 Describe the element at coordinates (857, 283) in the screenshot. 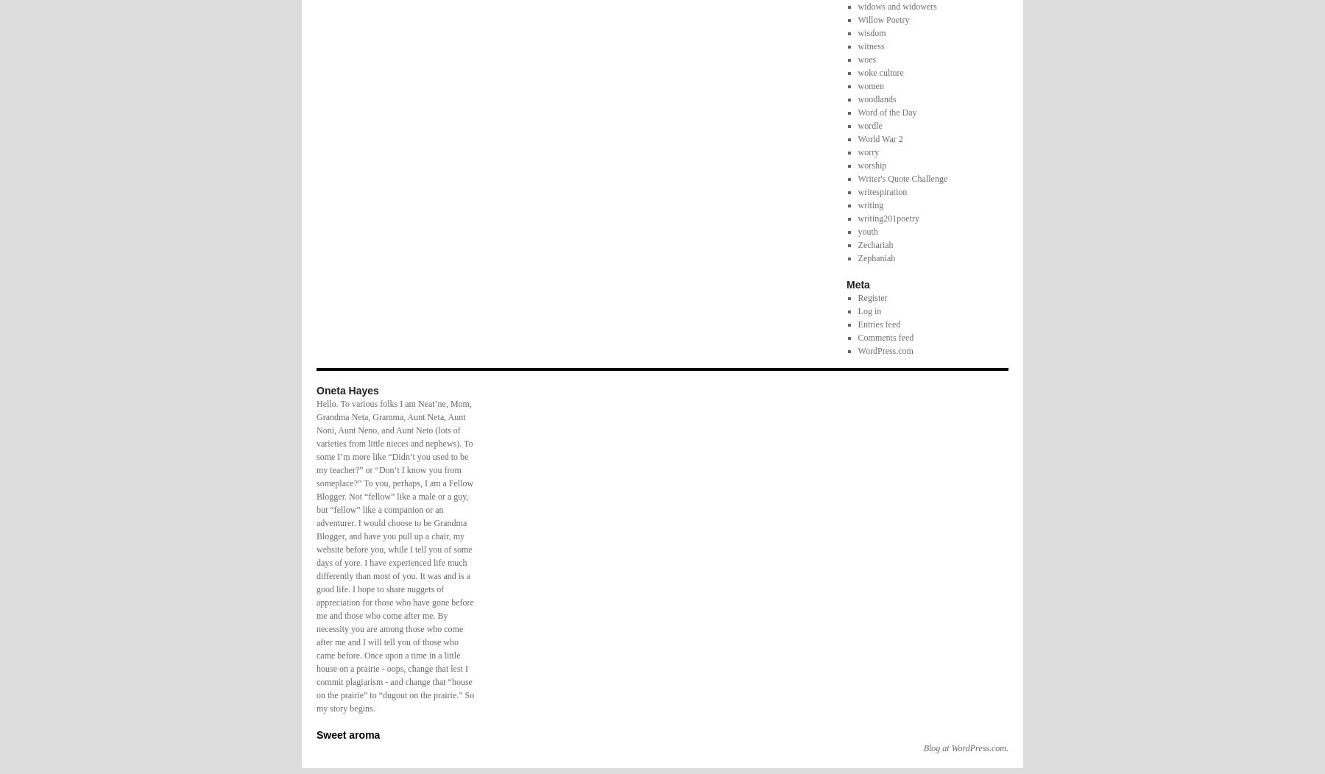

I see `'Meta'` at that location.